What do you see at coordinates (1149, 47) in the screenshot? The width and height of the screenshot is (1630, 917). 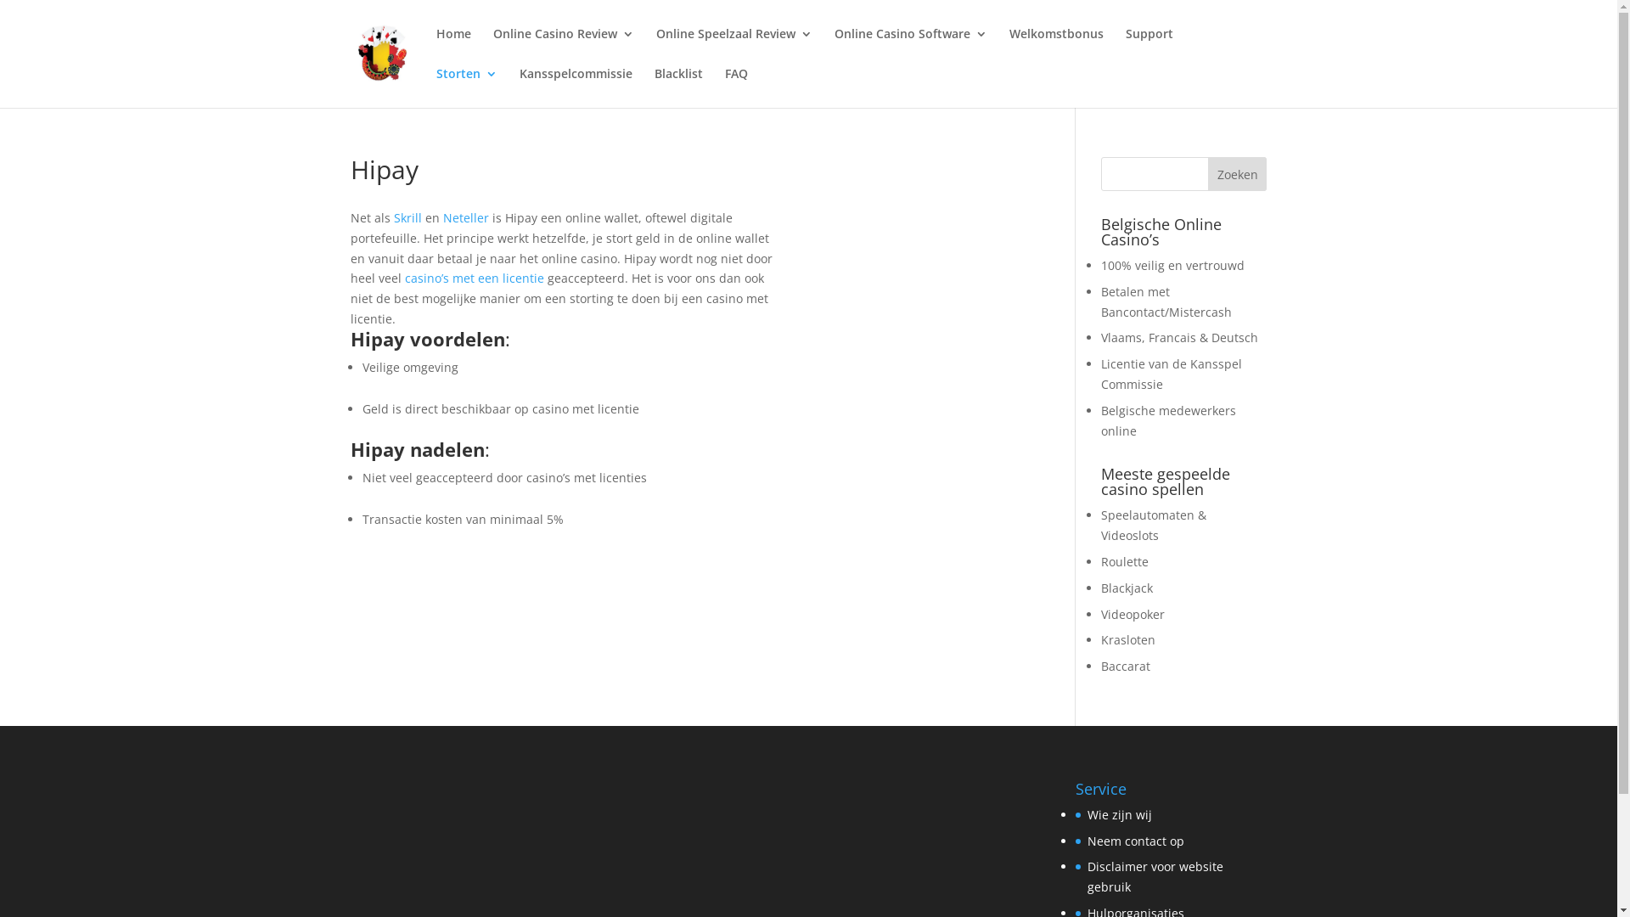 I see `'Support'` at bounding box center [1149, 47].